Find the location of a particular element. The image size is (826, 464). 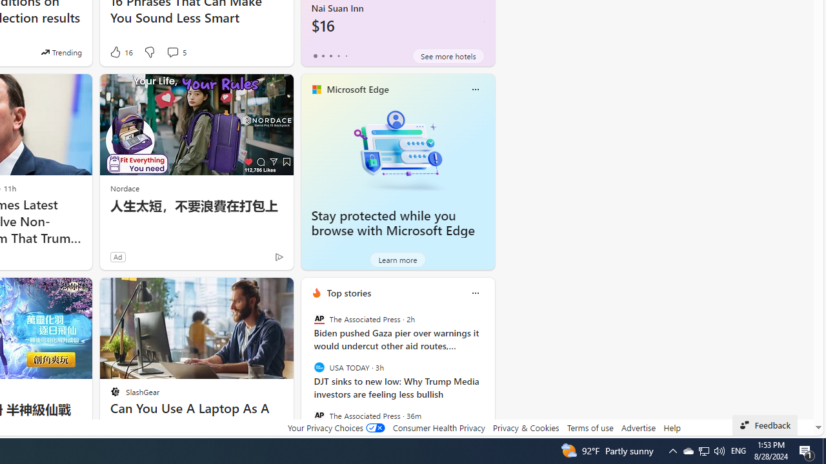

'Feedback' is located at coordinates (765, 425).